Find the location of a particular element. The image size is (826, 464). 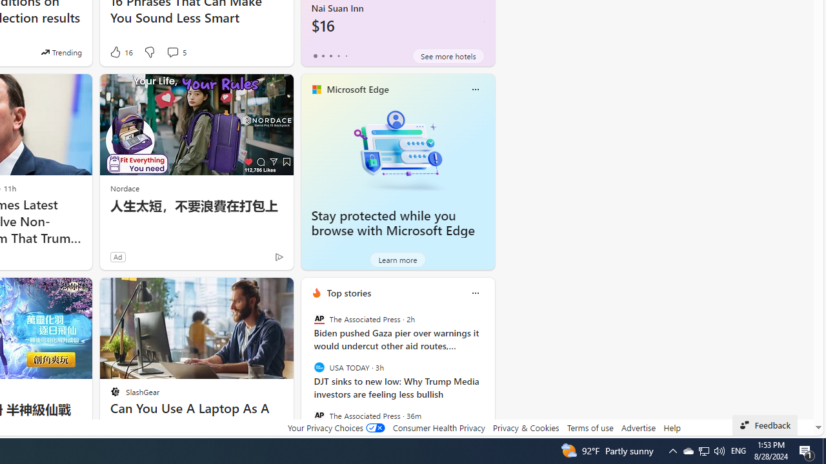

'Feedback' is located at coordinates (765, 425).